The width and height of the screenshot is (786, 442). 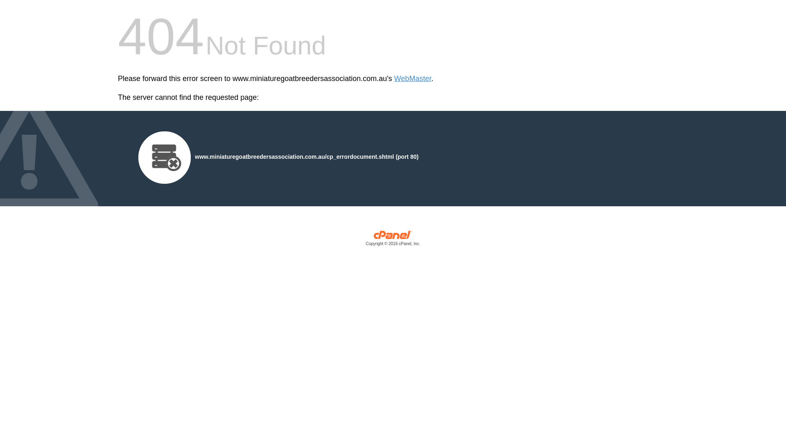 I want to click on 'WebMaster', so click(x=394, y=79).